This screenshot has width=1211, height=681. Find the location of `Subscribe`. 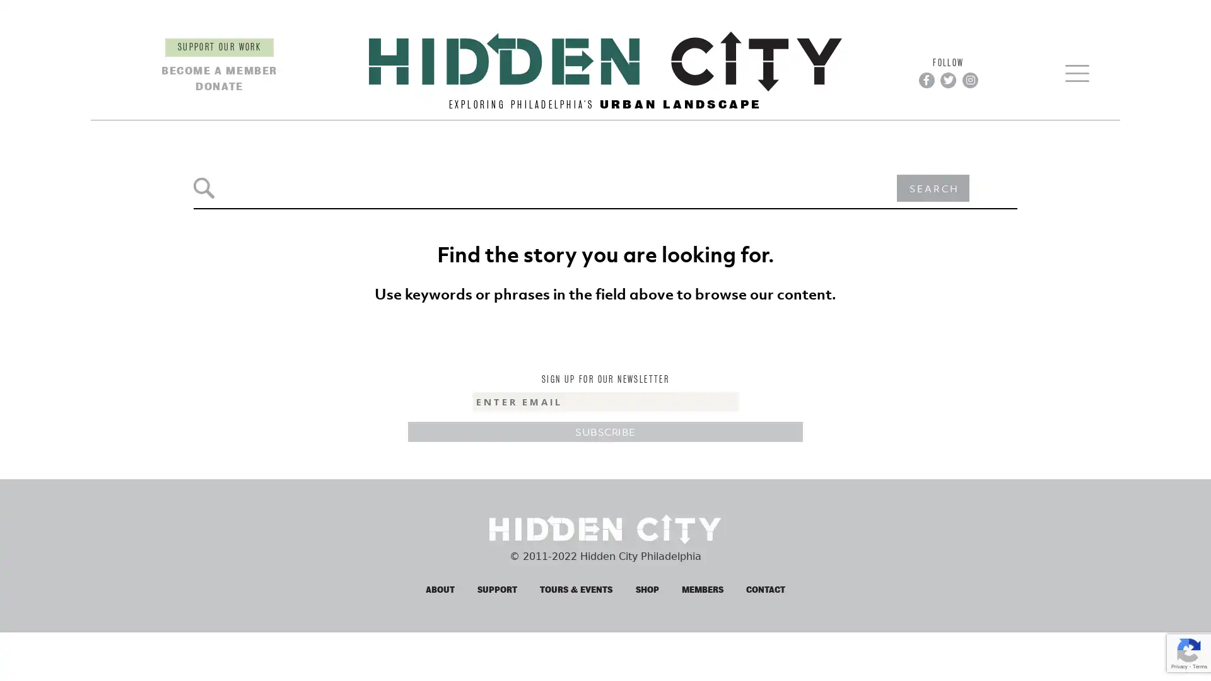

Subscribe is located at coordinates (604, 298).